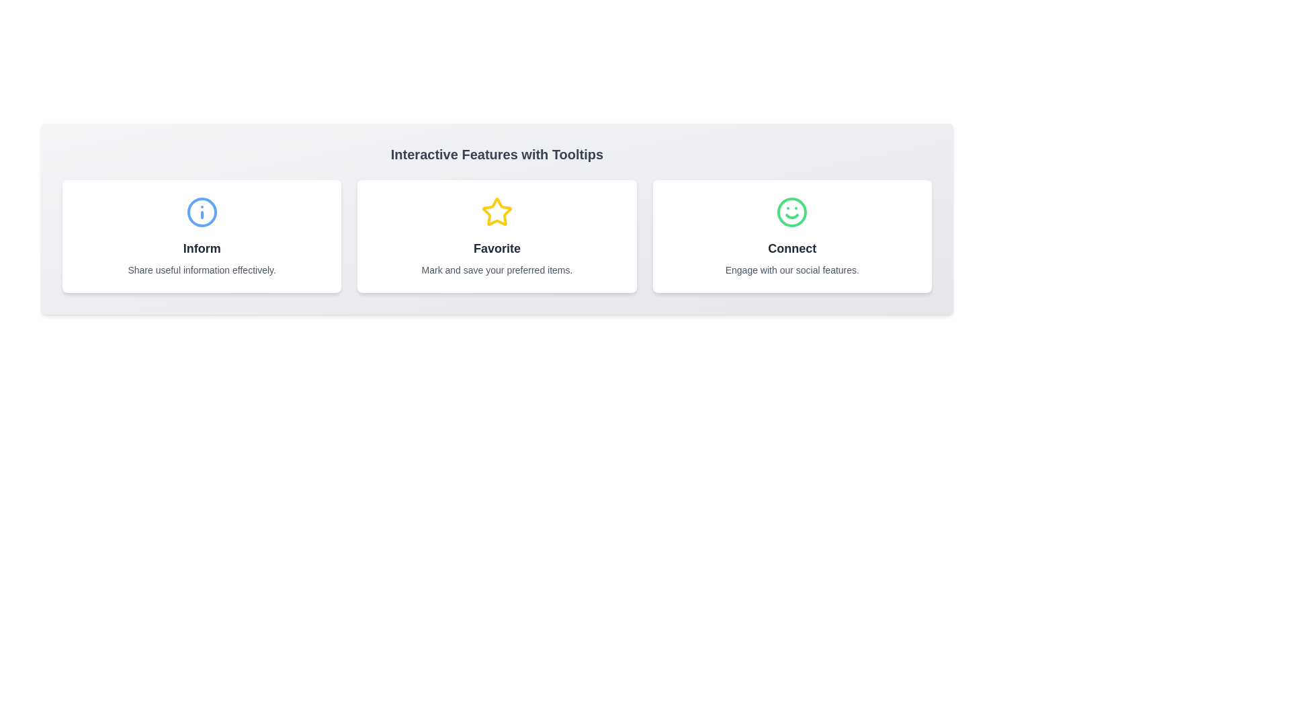 This screenshot has height=726, width=1290. Describe the element at coordinates (792, 212) in the screenshot. I see `the 'Connect' icon located at the top section of the third card from the left, which is associated with the 'Connect' feature` at that location.